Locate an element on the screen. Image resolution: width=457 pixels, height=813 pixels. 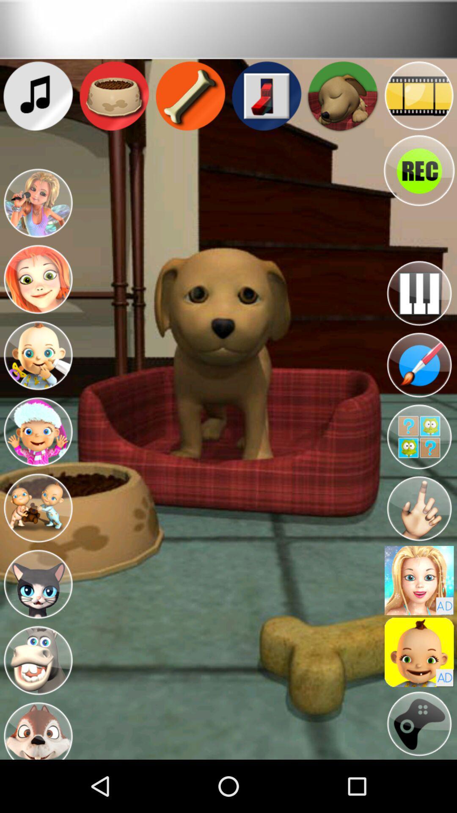
open advertisement is located at coordinates (419, 580).